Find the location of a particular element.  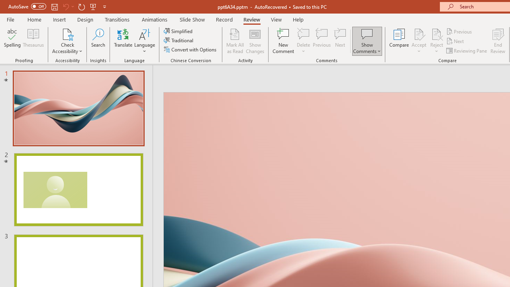

'Reviewing Pane' is located at coordinates (467, 51).